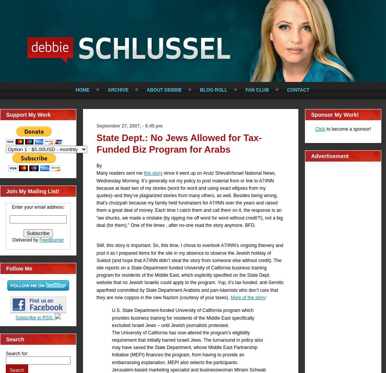  I want to click on 'The University of California has now altered the program’s eligibility requirement that initially barred Israeli Jews. The turnaround in policy also may have saved the State Department, whose Middle East Partnership Initiative (MEPI) finances the program, from having to provide an embarrassing explanation. MEPI also selects the participants.', so click(187, 347).